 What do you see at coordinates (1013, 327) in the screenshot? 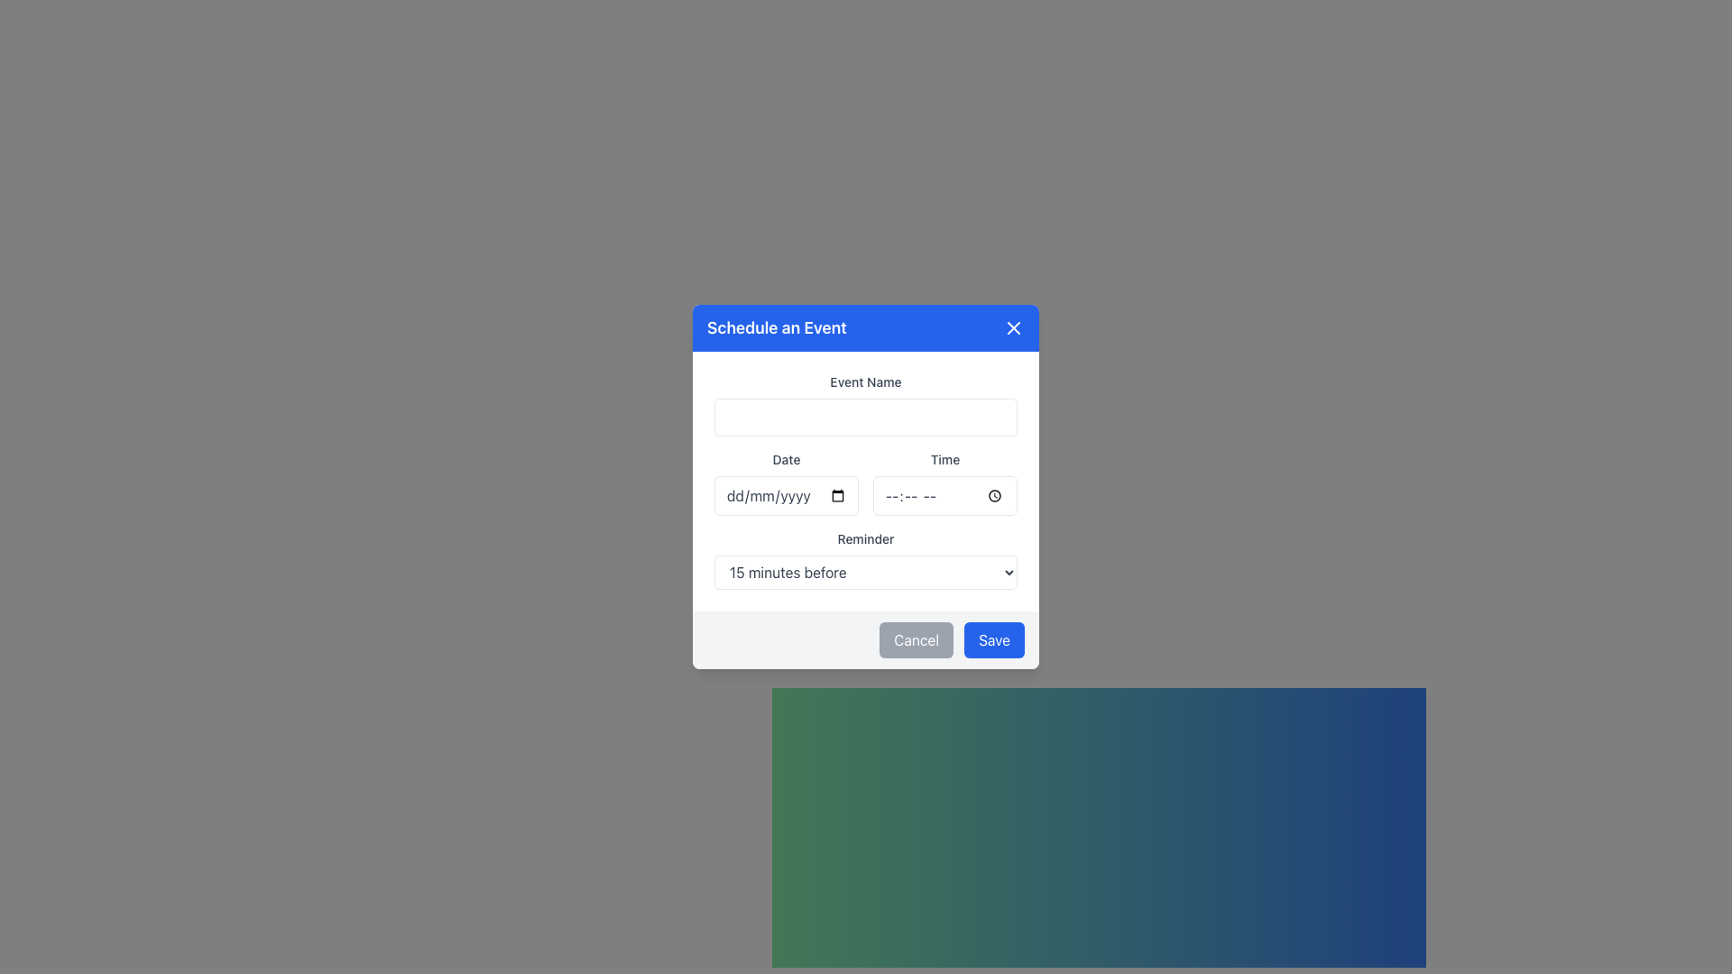
I see `the small red 'X' button in the top-right corner of the blue modal header labeled 'Schedule an Event'` at bounding box center [1013, 327].